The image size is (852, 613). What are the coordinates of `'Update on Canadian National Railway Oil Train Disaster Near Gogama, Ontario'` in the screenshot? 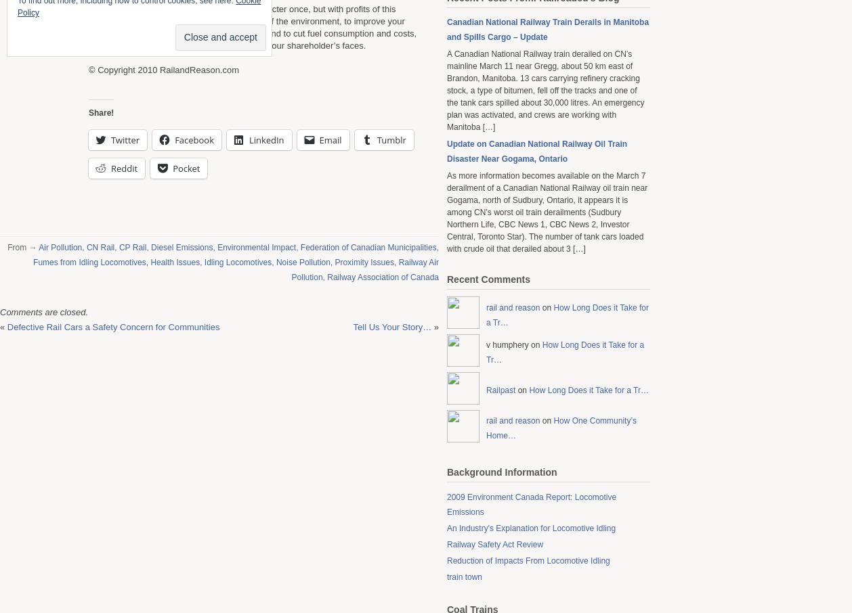 It's located at (537, 150).